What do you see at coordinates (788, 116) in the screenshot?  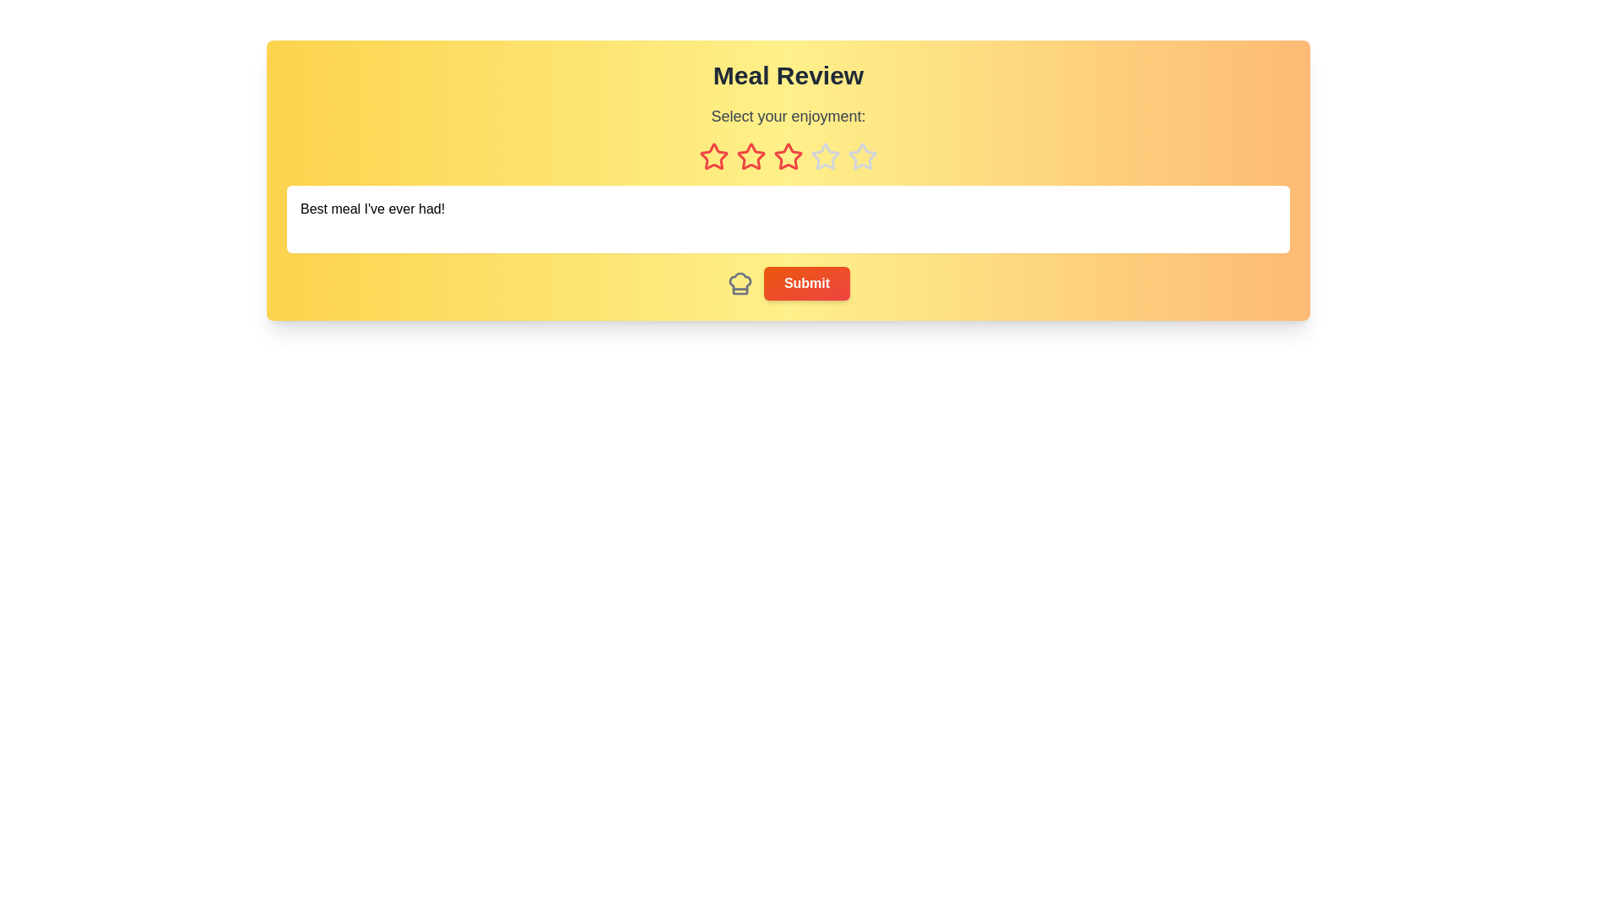 I see `the static text label that prompts the user to select a value for their enjoyment, positioned below the 'Meal Review' heading and above the star rating icons` at bounding box center [788, 116].